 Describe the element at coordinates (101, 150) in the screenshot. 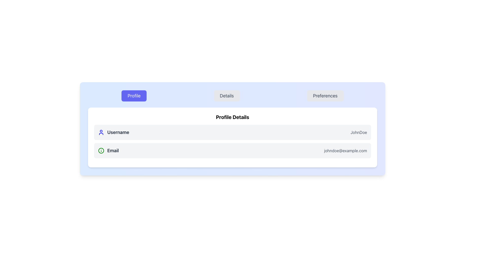

I see `the informational icon related to the 'Email' field in the 'Profile Details' section` at that location.